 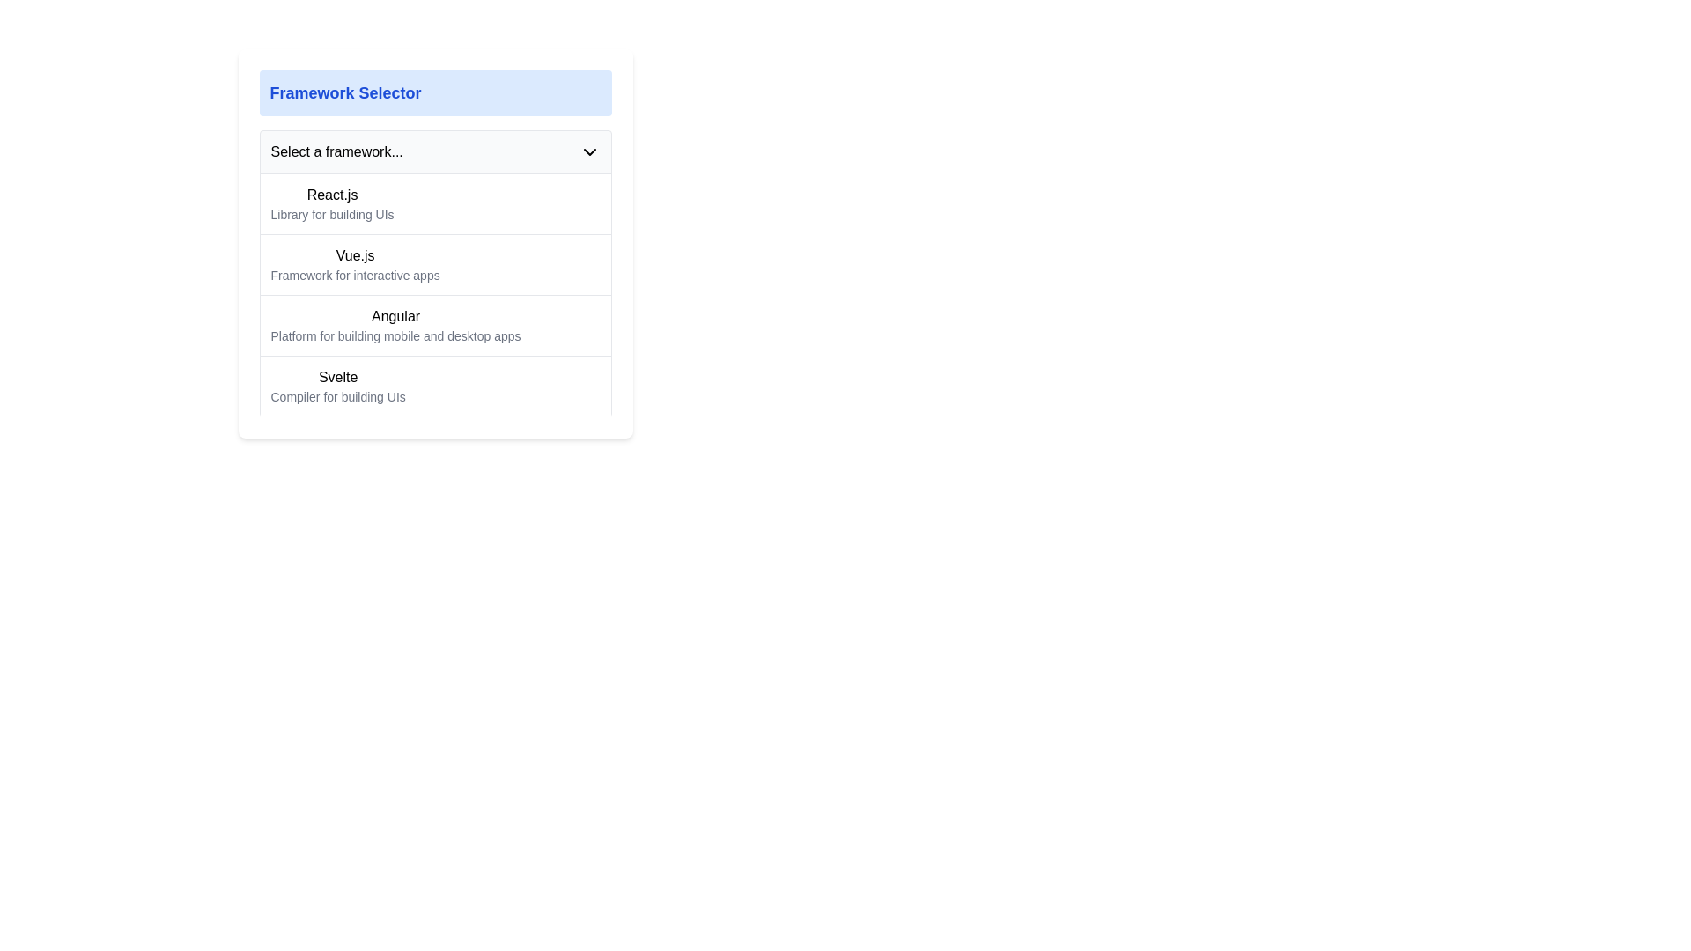 I want to click on the 'Framework Selector' text label, which is prominently displayed in a larger bold blue font on a light blue background at the top of the framework selection interface, so click(x=345, y=92).